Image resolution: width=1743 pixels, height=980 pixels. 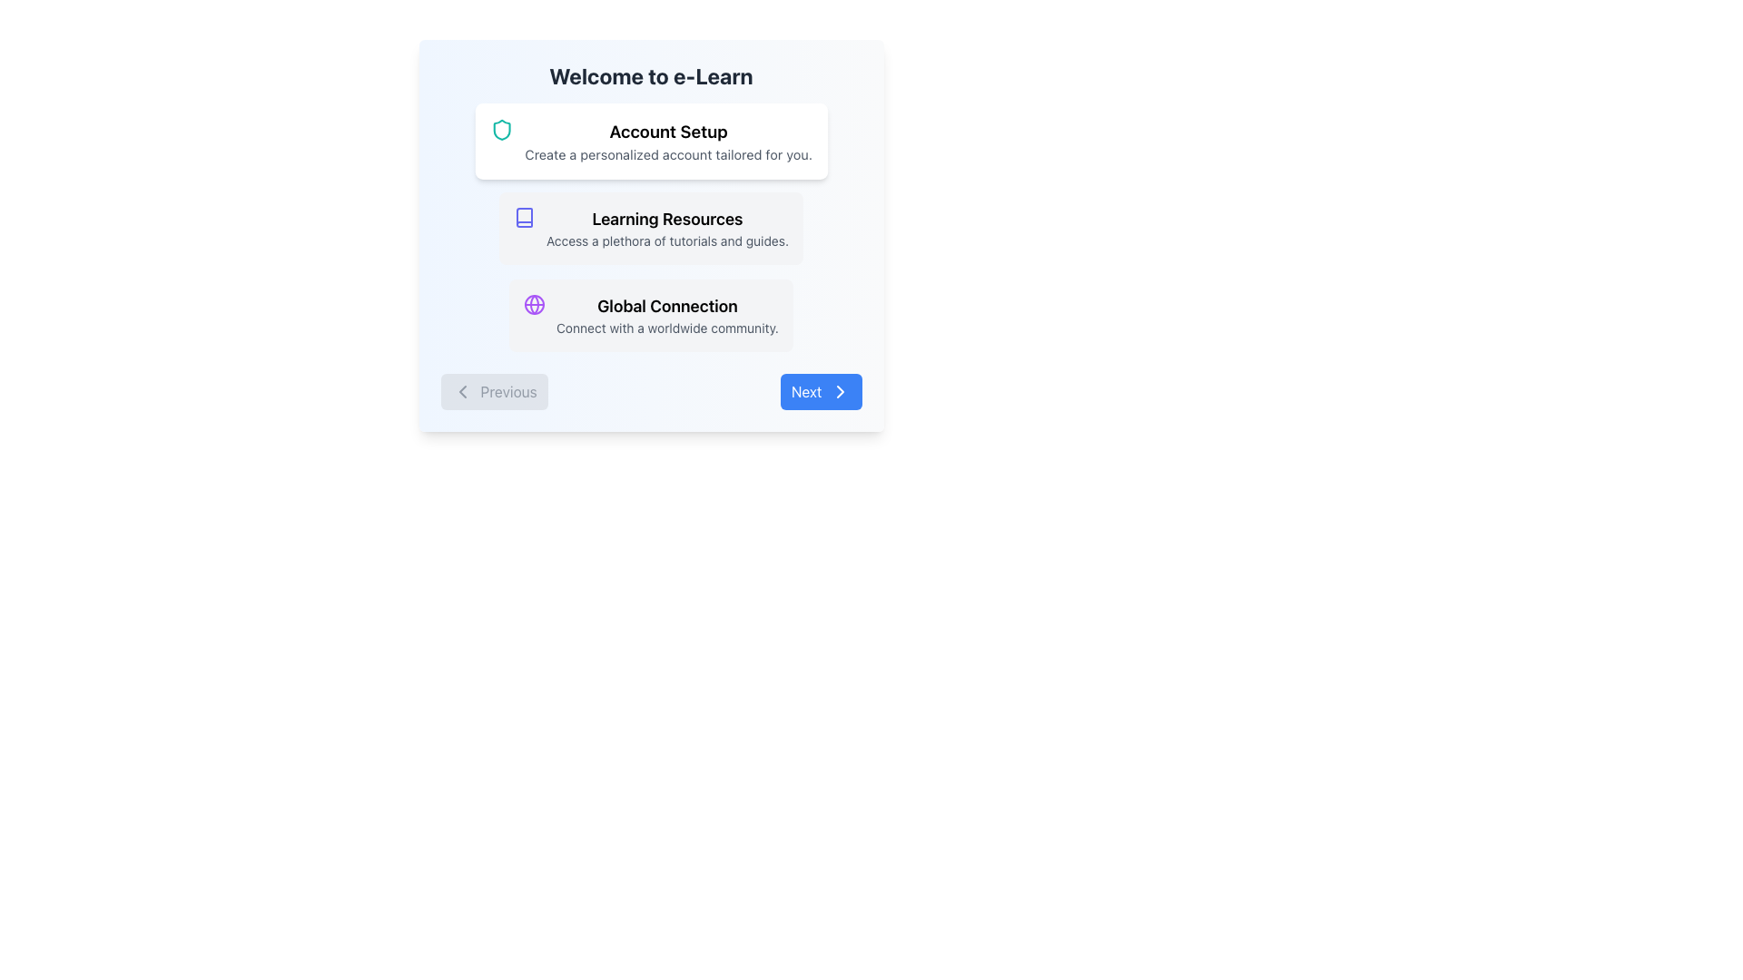 I want to click on the 'Learning Resources' Information card, which has a light gray background and displays the title in bold black font, so click(x=651, y=227).